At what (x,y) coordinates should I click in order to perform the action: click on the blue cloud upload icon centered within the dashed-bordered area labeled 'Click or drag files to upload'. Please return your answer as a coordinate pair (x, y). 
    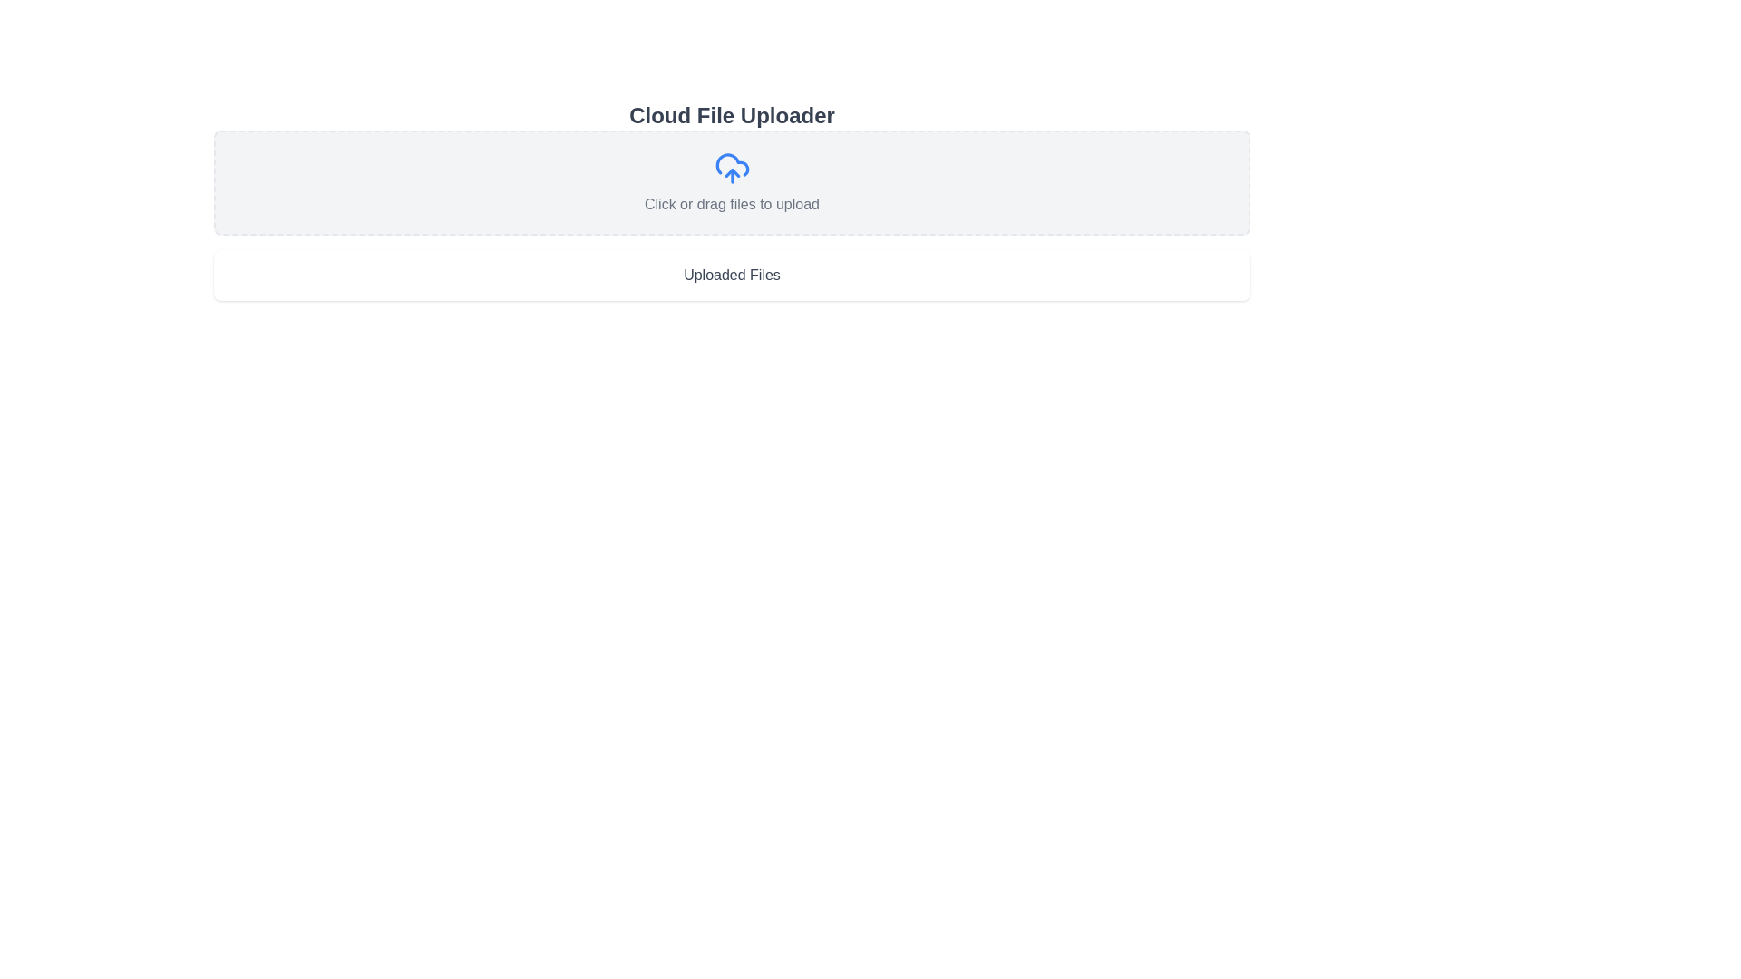
    Looking at the image, I should click on (732, 168).